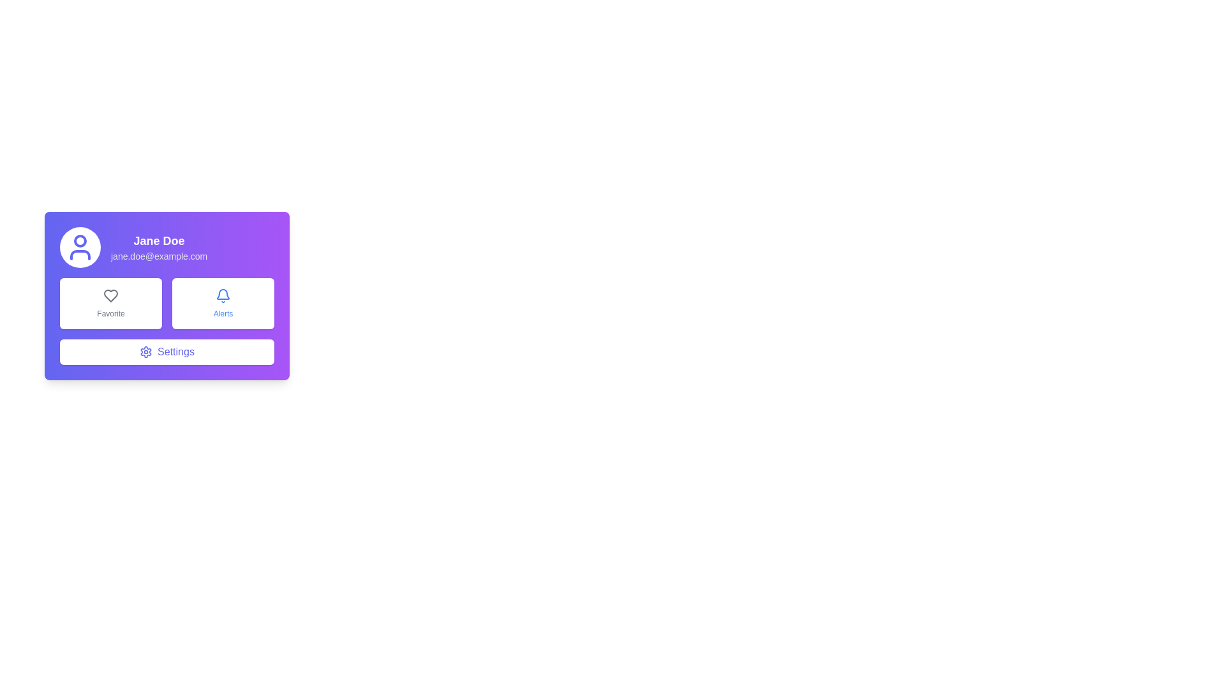  I want to click on the settings icon, which is a gear symbol located above the 'Settings' label in the bottom portion of the card-like interface, so click(146, 352).